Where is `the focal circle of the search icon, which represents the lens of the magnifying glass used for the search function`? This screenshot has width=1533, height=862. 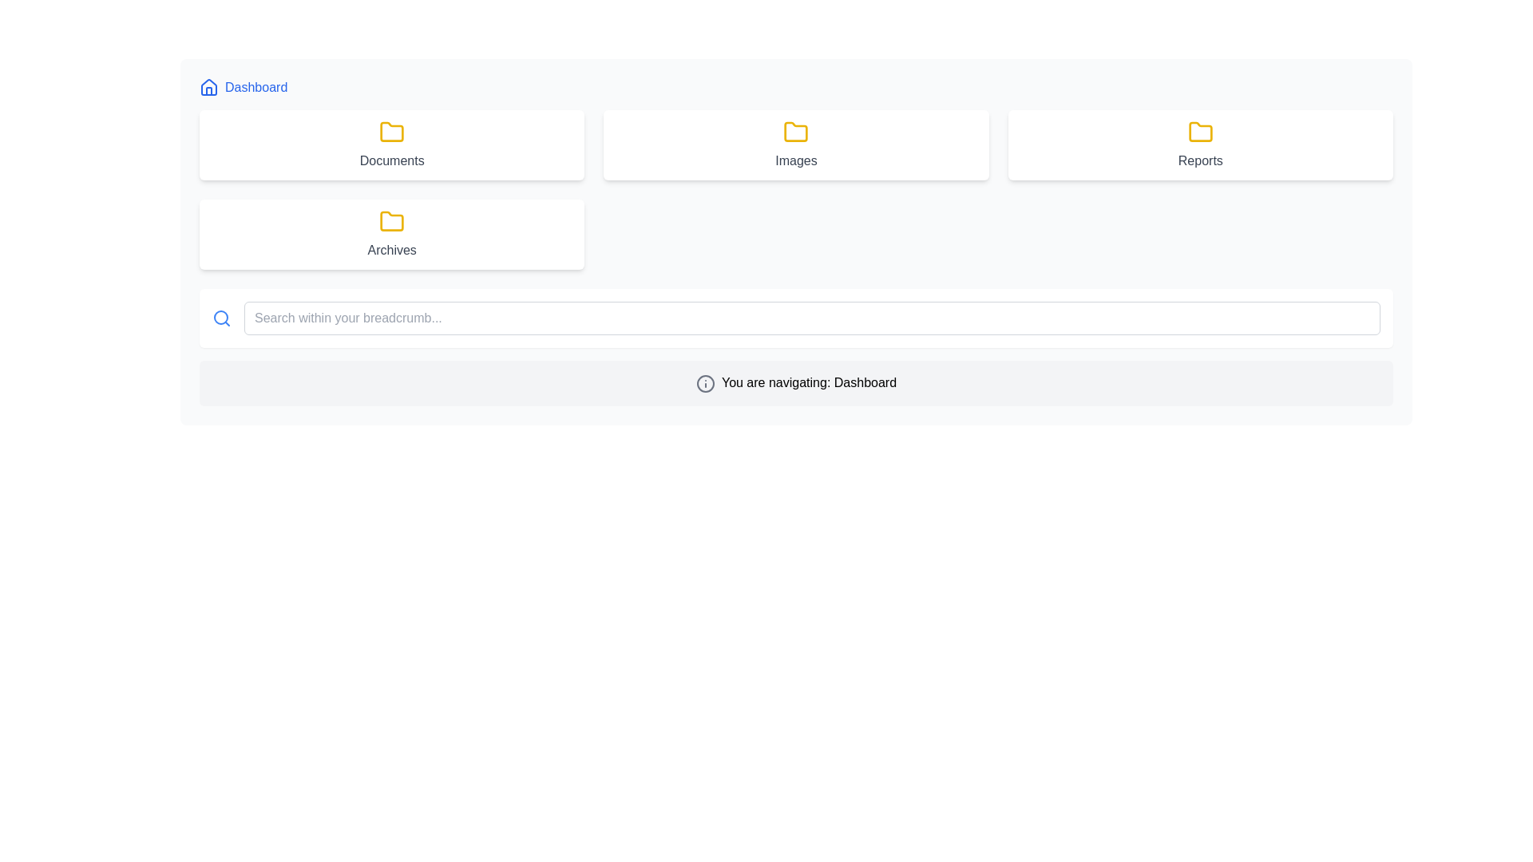 the focal circle of the search icon, which represents the lens of the magnifying glass used for the search function is located at coordinates (220, 317).